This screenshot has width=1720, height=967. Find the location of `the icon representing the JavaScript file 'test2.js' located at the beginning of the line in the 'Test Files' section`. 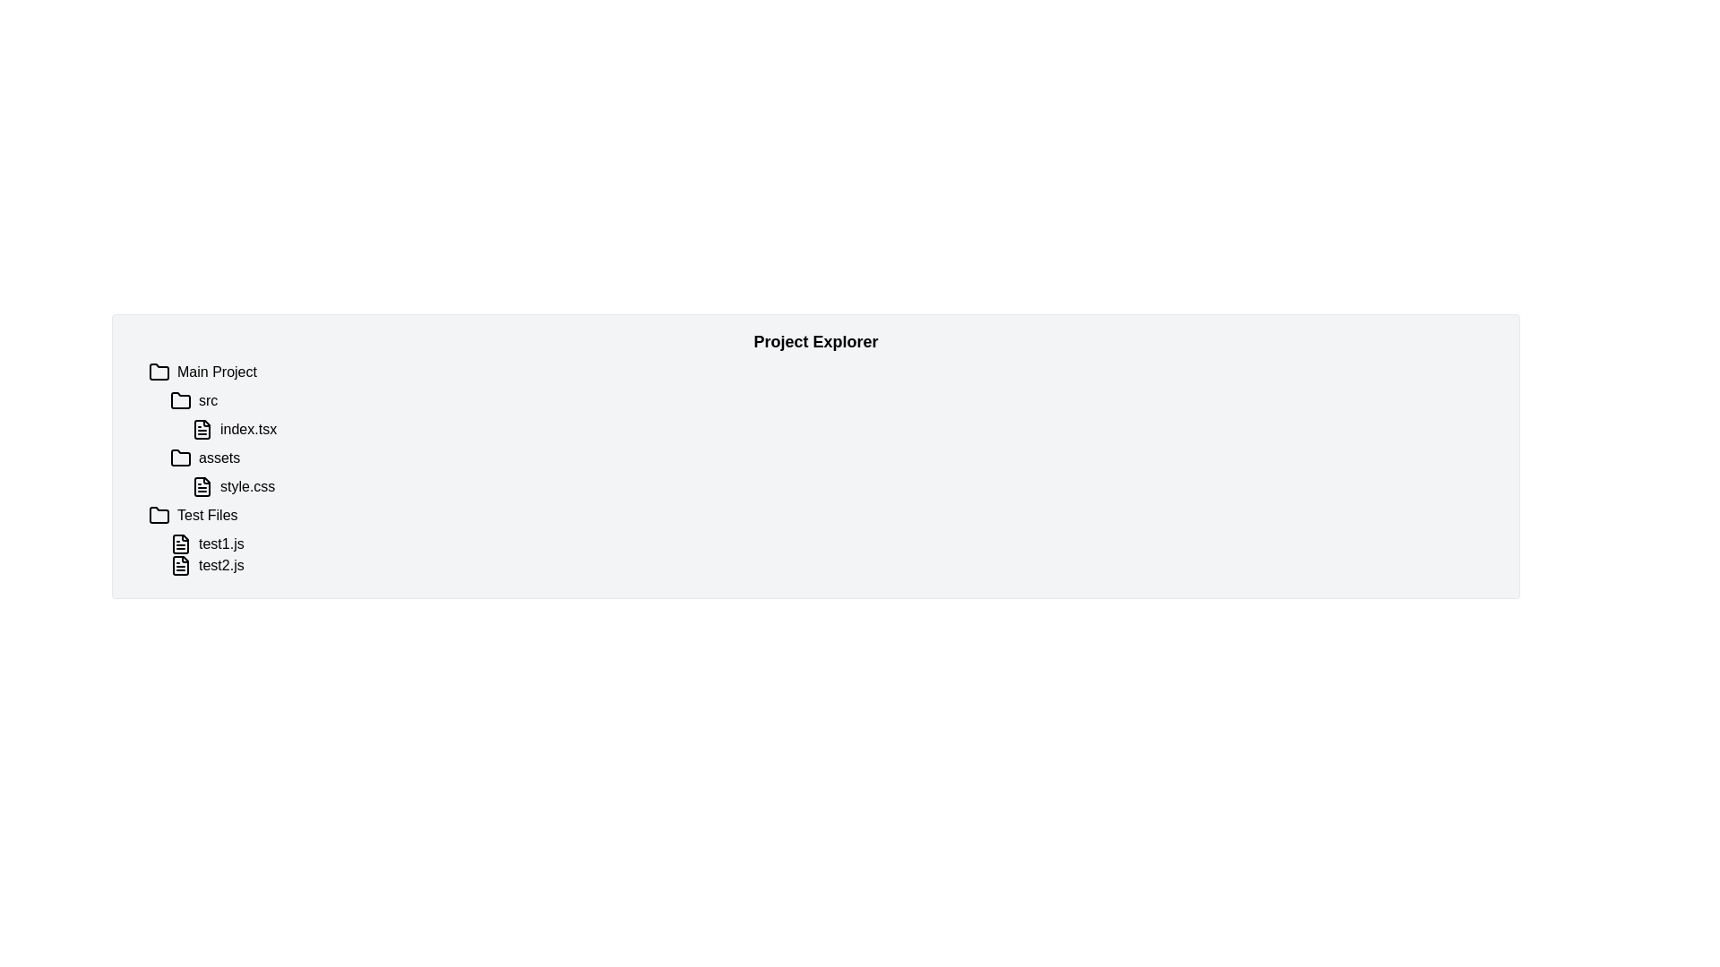

the icon representing the JavaScript file 'test2.js' located at the beginning of the line in the 'Test Files' section is located at coordinates (180, 566).